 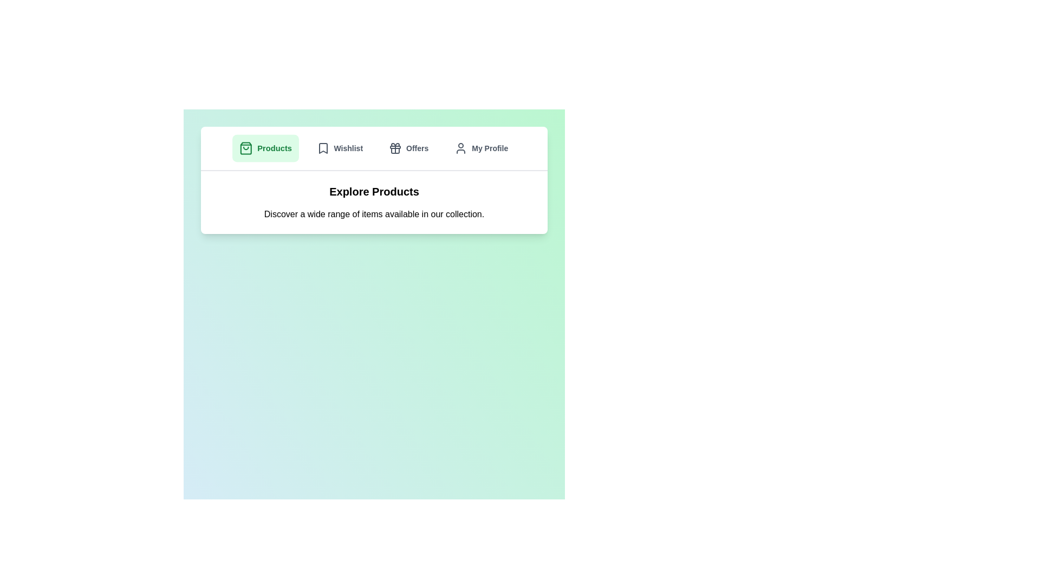 What do you see at coordinates (265, 148) in the screenshot?
I see `the 'Products' button located` at bounding box center [265, 148].